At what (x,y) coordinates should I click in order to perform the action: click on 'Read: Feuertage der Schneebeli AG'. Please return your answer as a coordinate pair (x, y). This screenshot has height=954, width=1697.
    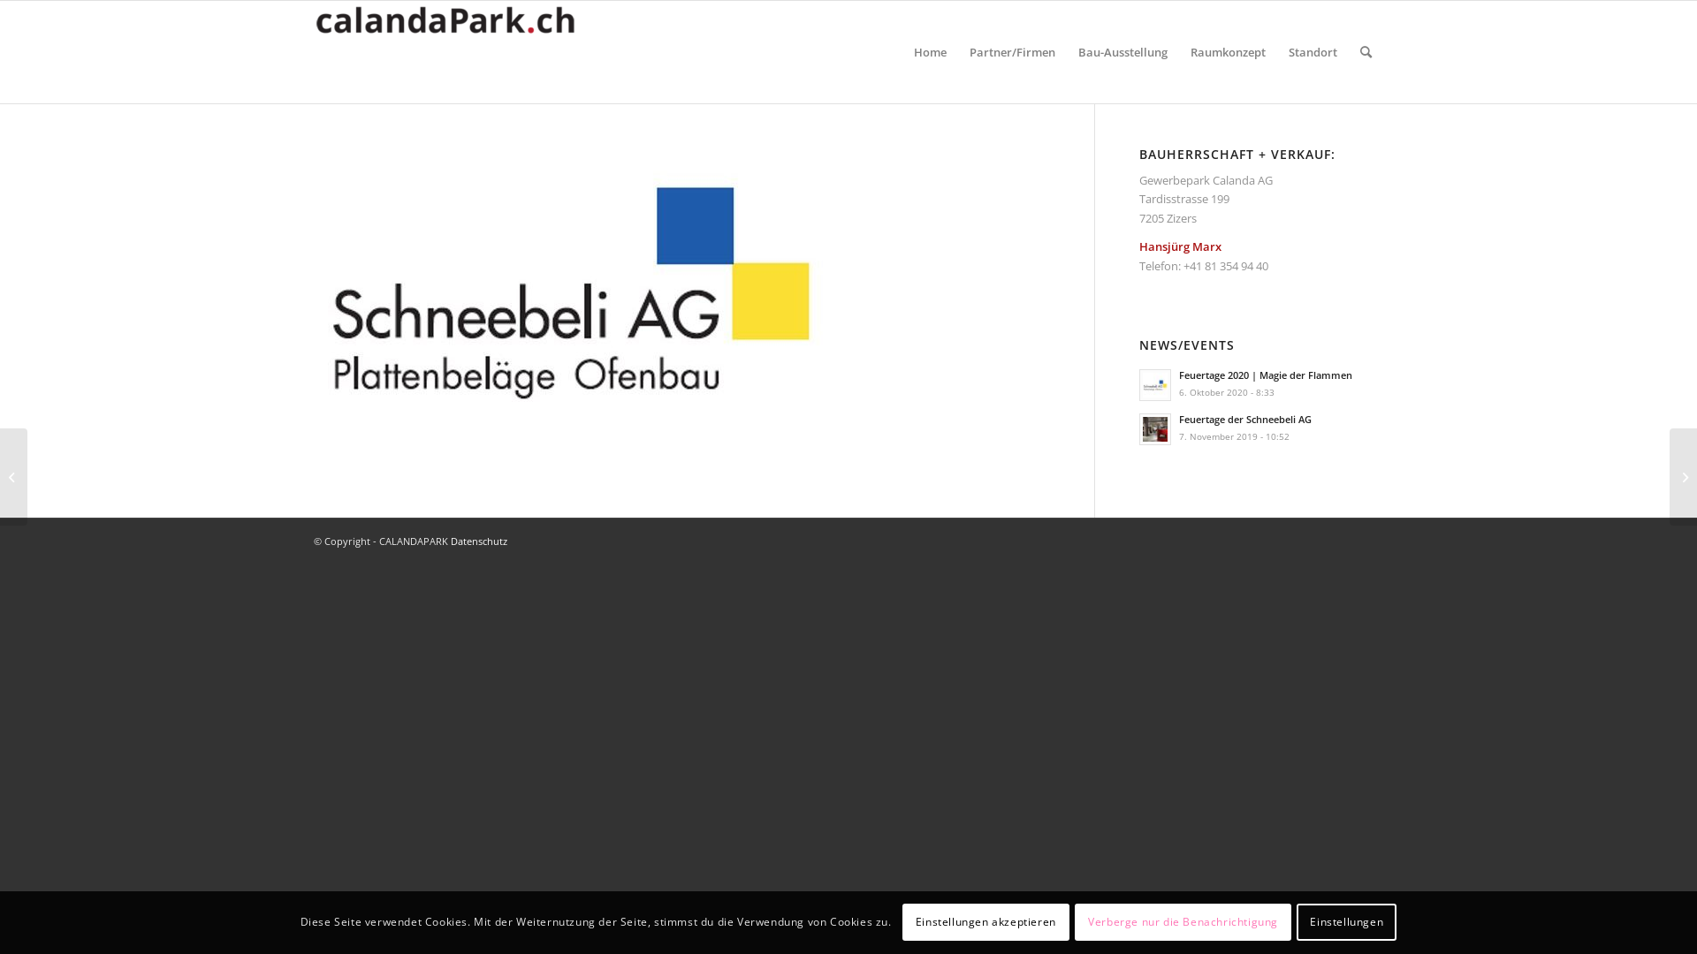
    Looking at the image, I should click on (1154, 429).